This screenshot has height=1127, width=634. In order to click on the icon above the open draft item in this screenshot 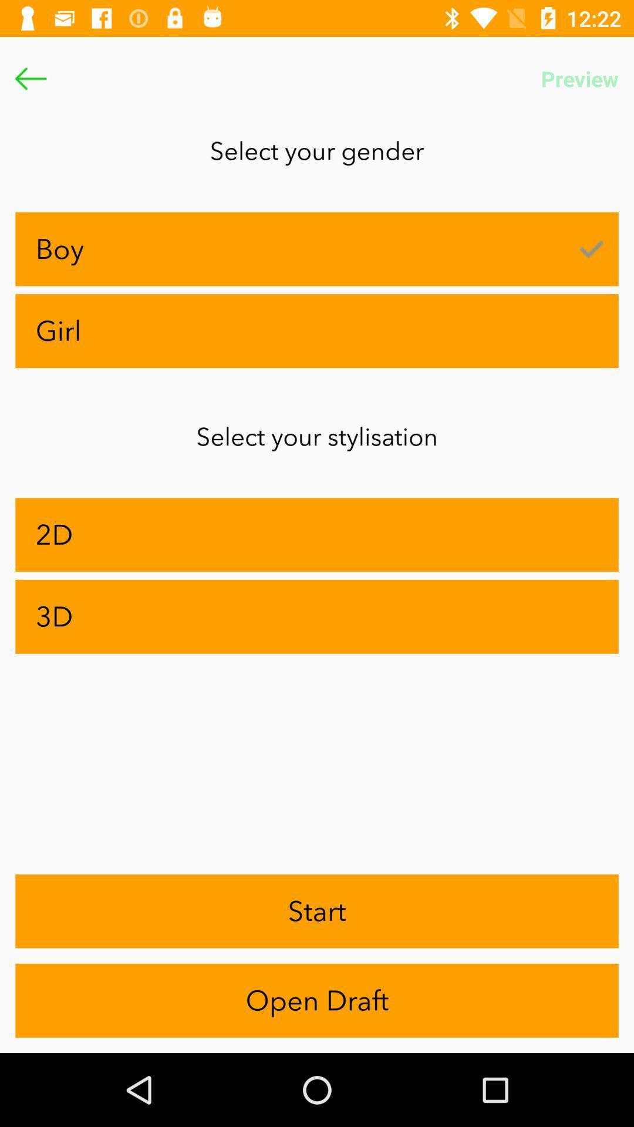, I will do `click(317, 910)`.